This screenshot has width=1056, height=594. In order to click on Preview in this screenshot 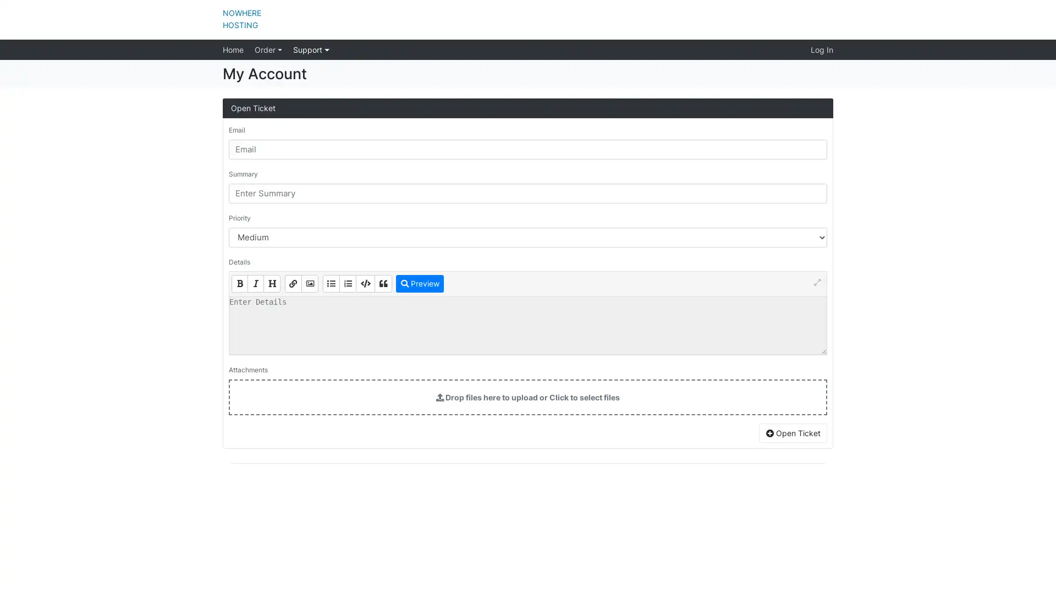, I will do `click(419, 283)`.